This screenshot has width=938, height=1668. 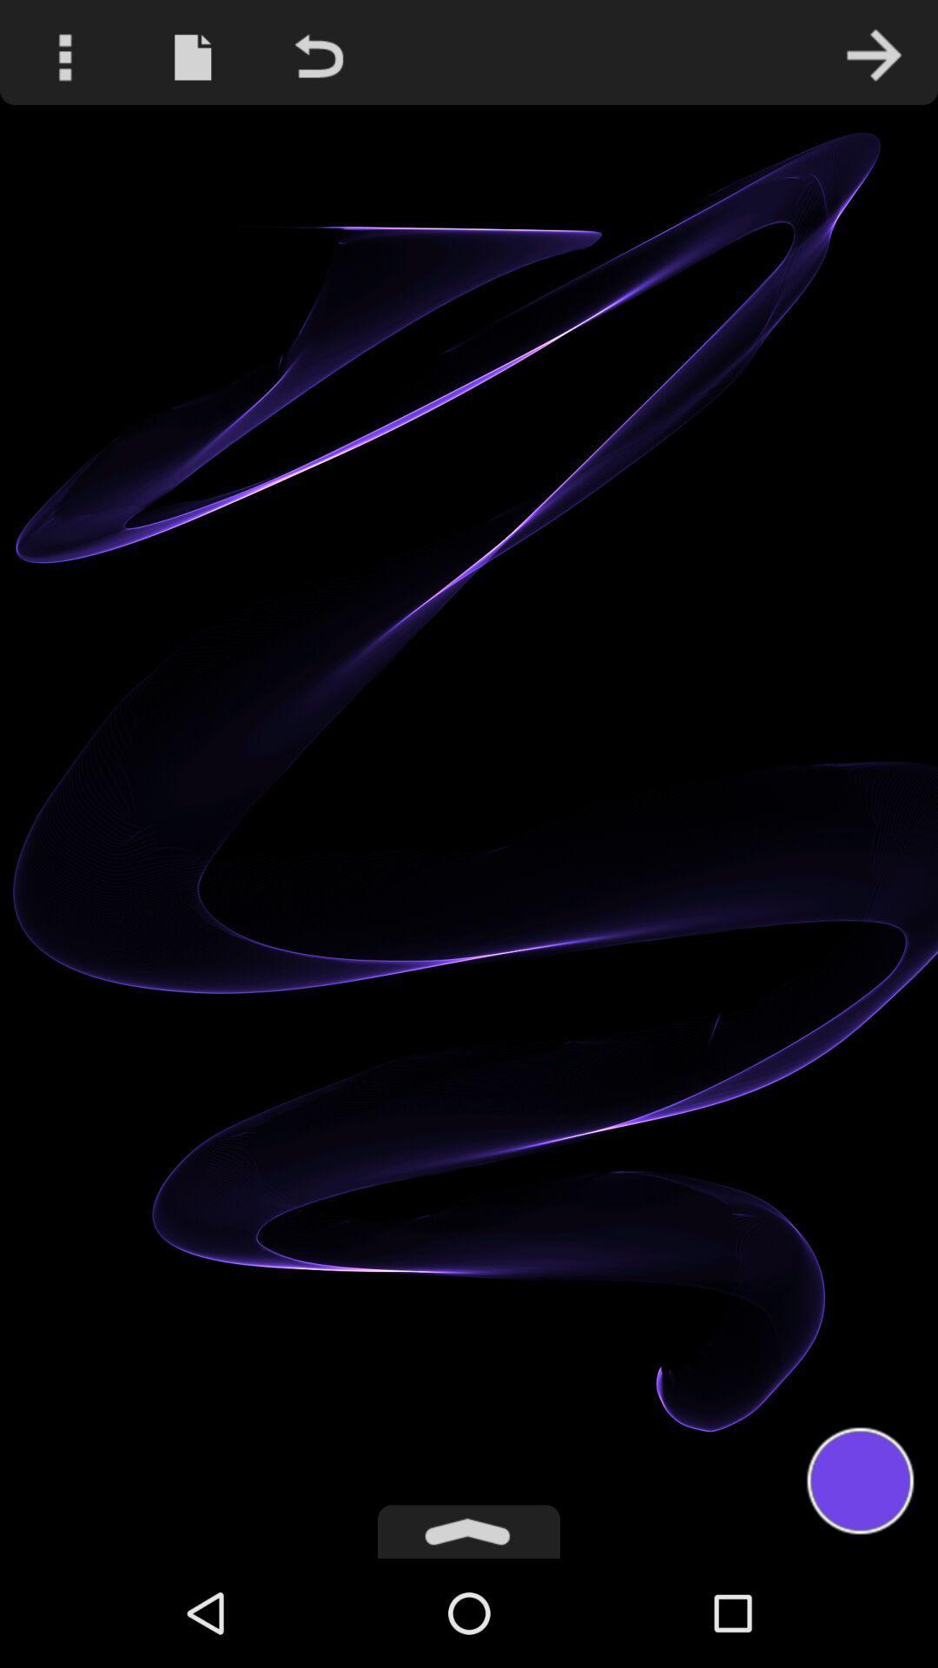 I want to click on the avatar icon, so click(x=860, y=1585).